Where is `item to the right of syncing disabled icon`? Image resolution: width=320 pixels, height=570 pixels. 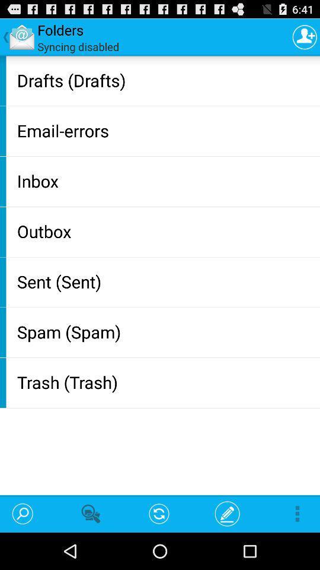 item to the right of syncing disabled icon is located at coordinates (305, 37).